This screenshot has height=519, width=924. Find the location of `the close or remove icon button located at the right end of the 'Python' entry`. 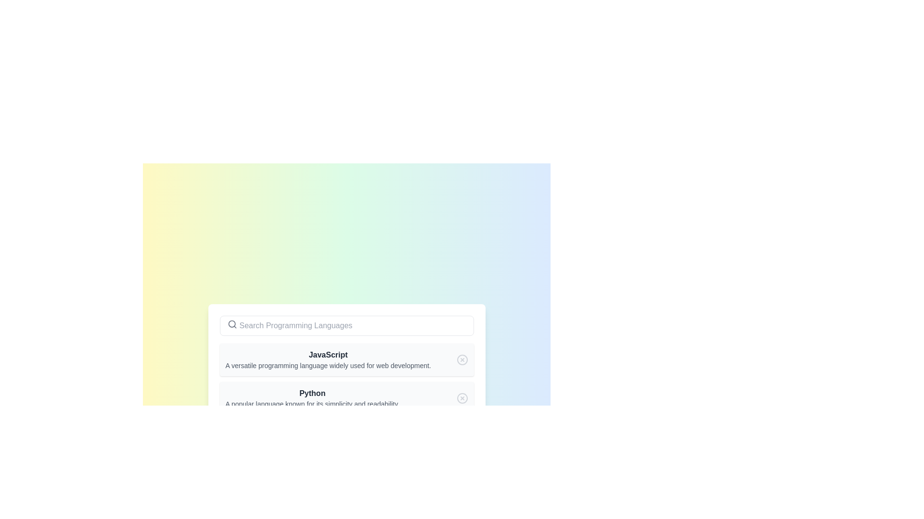

the close or remove icon button located at the right end of the 'Python' entry is located at coordinates (462, 398).